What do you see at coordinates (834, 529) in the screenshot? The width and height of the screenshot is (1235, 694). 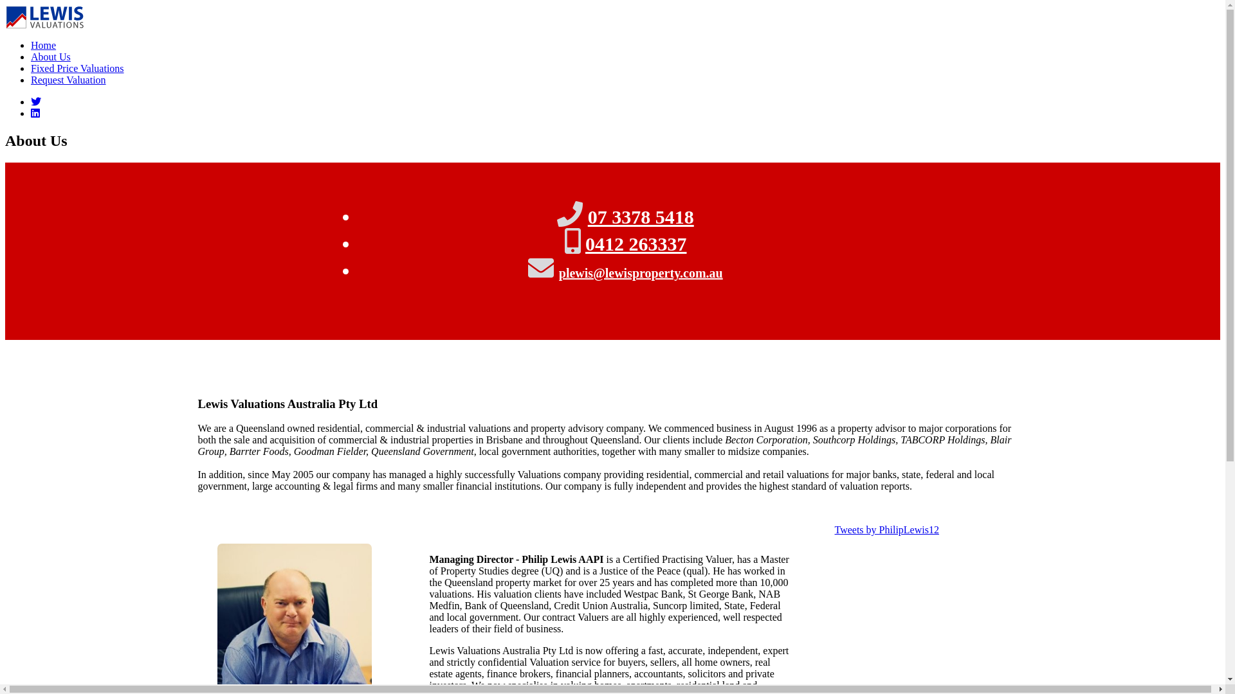 I see `'Tweets by PhilipLewis12'` at bounding box center [834, 529].